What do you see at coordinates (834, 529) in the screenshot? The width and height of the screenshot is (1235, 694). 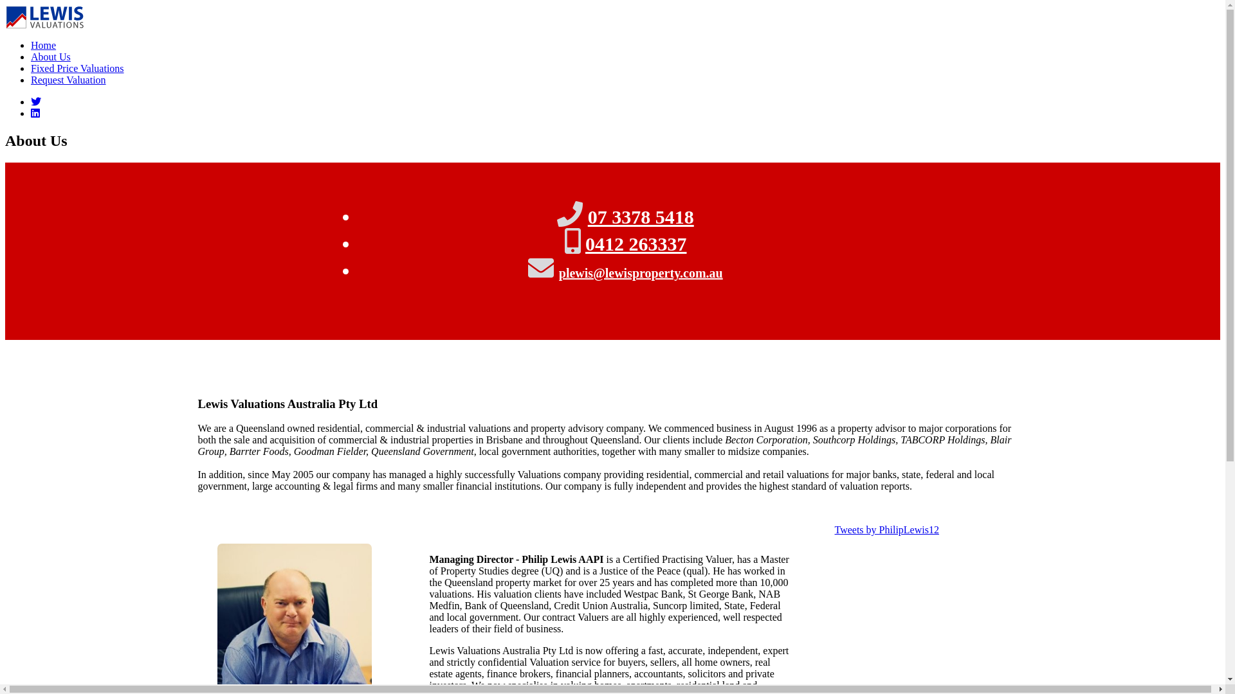 I see `'Tweets by PhilipLewis12'` at bounding box center [834, 529].